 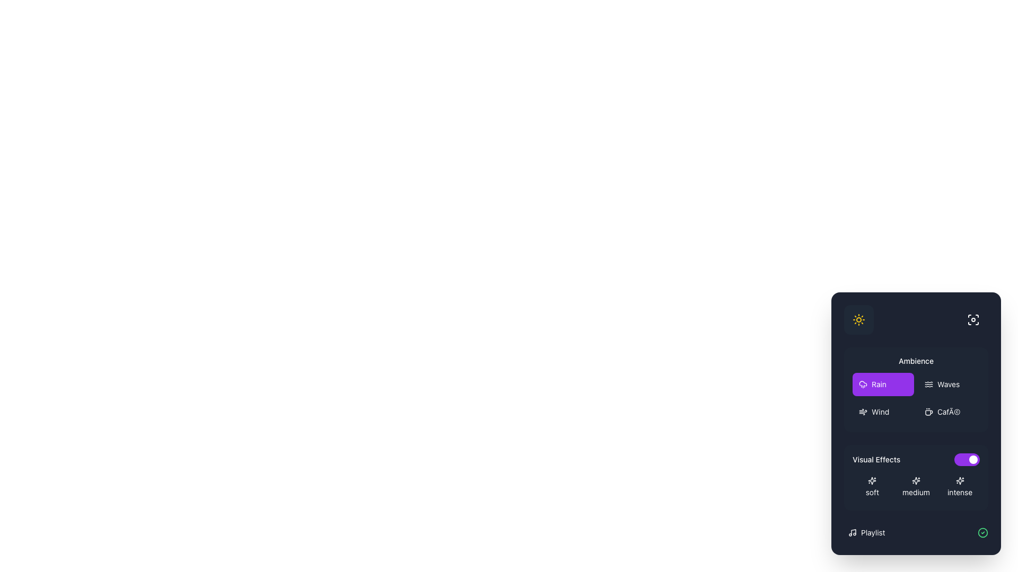 I want to click on the small circular toggle indicator with a white background and purple border located in the upper-right corner of the toggle switch in the 'Visual Effects' section, so click(x=973, y=459).